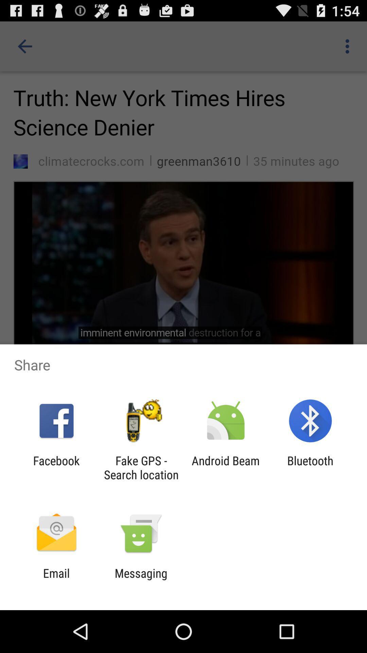  What do you see at coordinates (56, 467) in the screenshot?
I see `facebook item` at bounding box center [56, 467].